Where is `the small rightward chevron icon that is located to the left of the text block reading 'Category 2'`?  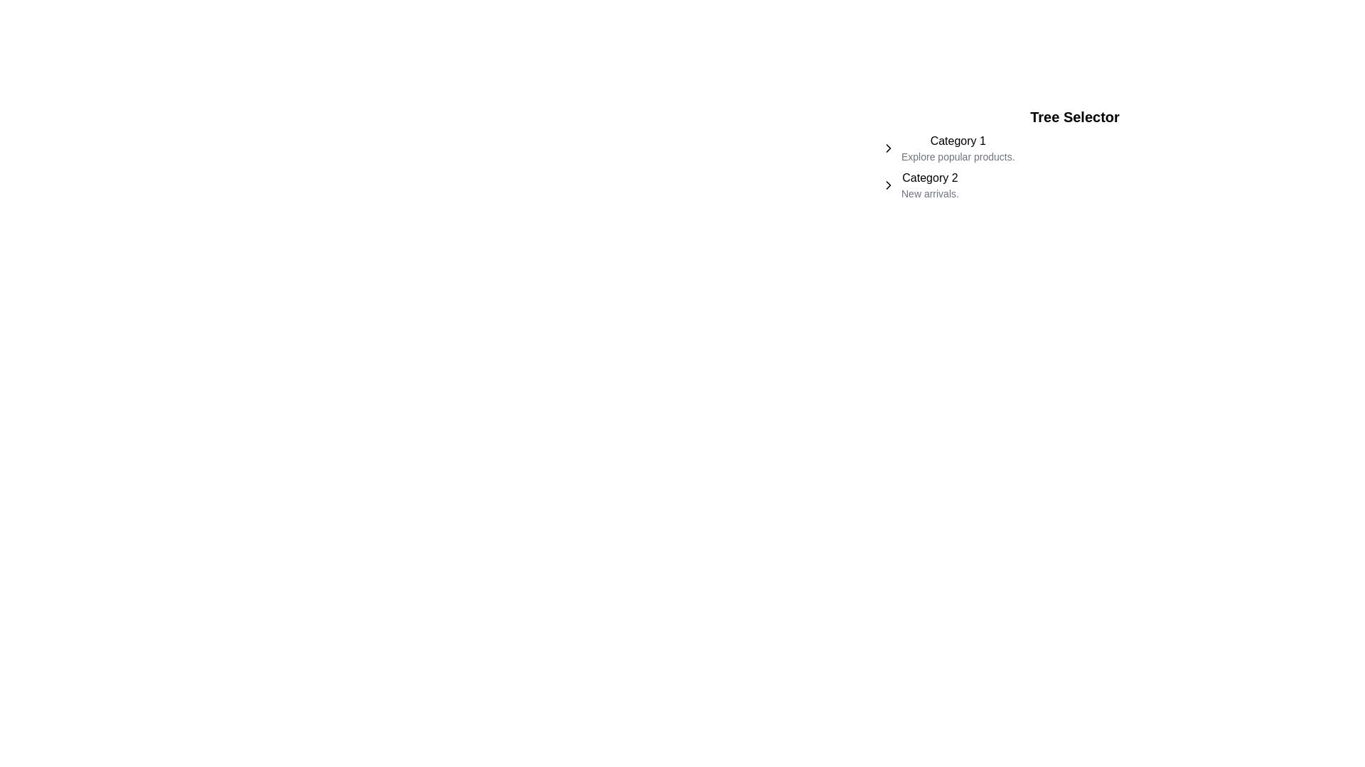 the small rightward chevron icon that is located to the left of the text block reading 'Category 2' is located at coordinates (887, 185).